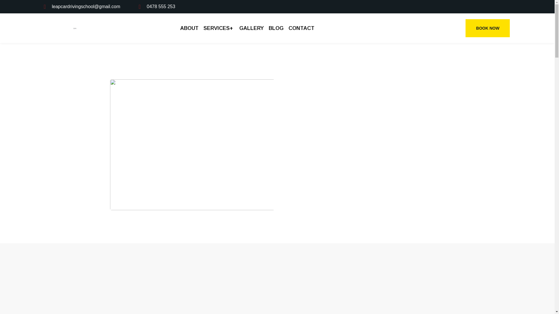  What do you see at coordinates (190, 28) in the screenshot?
I see `'ABOUT'` at bounding box center [190, 28].